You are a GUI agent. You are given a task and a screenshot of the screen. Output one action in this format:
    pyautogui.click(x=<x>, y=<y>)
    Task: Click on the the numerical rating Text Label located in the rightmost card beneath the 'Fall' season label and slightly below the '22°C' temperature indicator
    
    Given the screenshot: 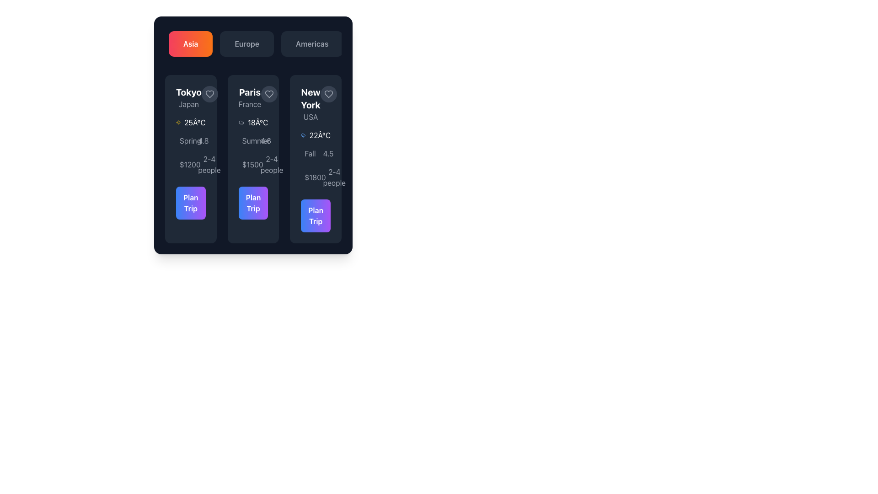 What is the action you would take?
    pyautogui.click(x=325, y=153)
    